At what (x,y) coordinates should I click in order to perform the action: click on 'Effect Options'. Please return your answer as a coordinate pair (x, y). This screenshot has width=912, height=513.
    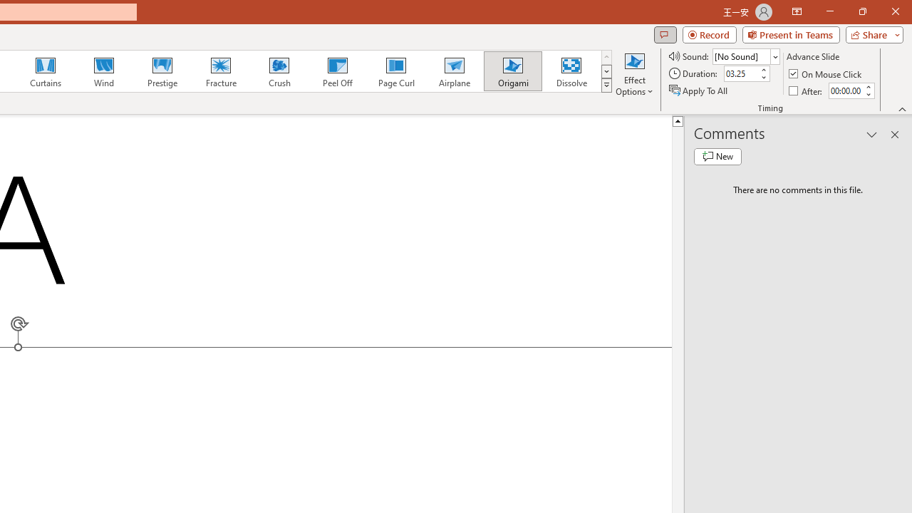
    Looking at the image, I should click on (633, 73).